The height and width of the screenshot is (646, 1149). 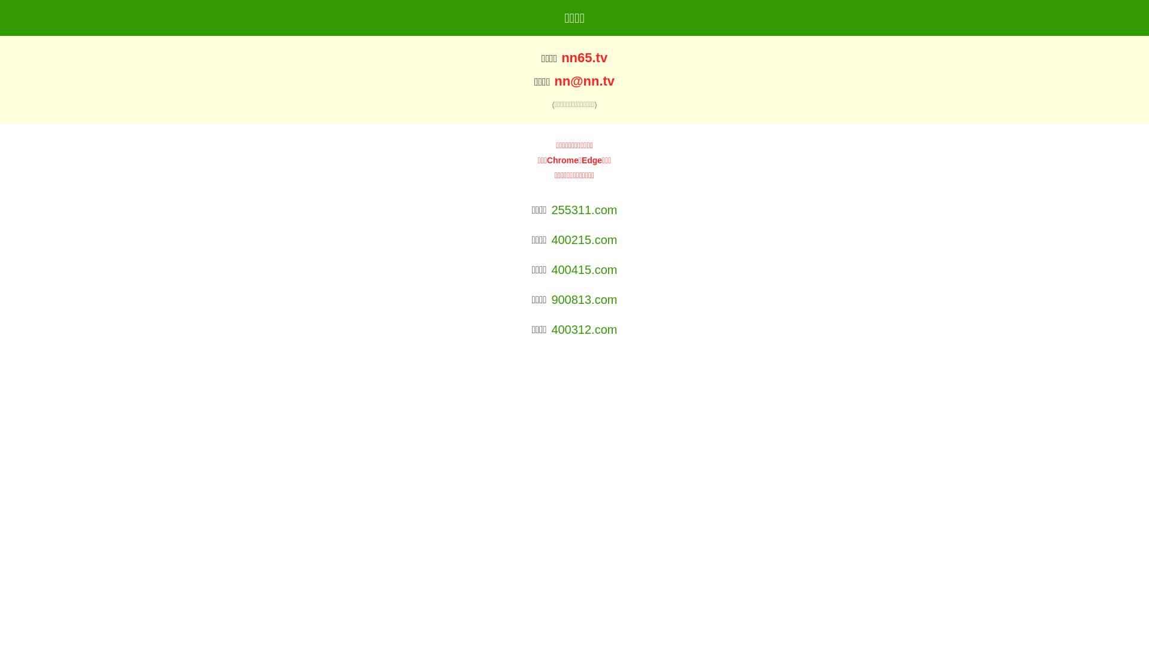 What do you see at coordinates (583, 240) in the screenshot?
I see `'400215.com'` at bounding box center [583, 240].